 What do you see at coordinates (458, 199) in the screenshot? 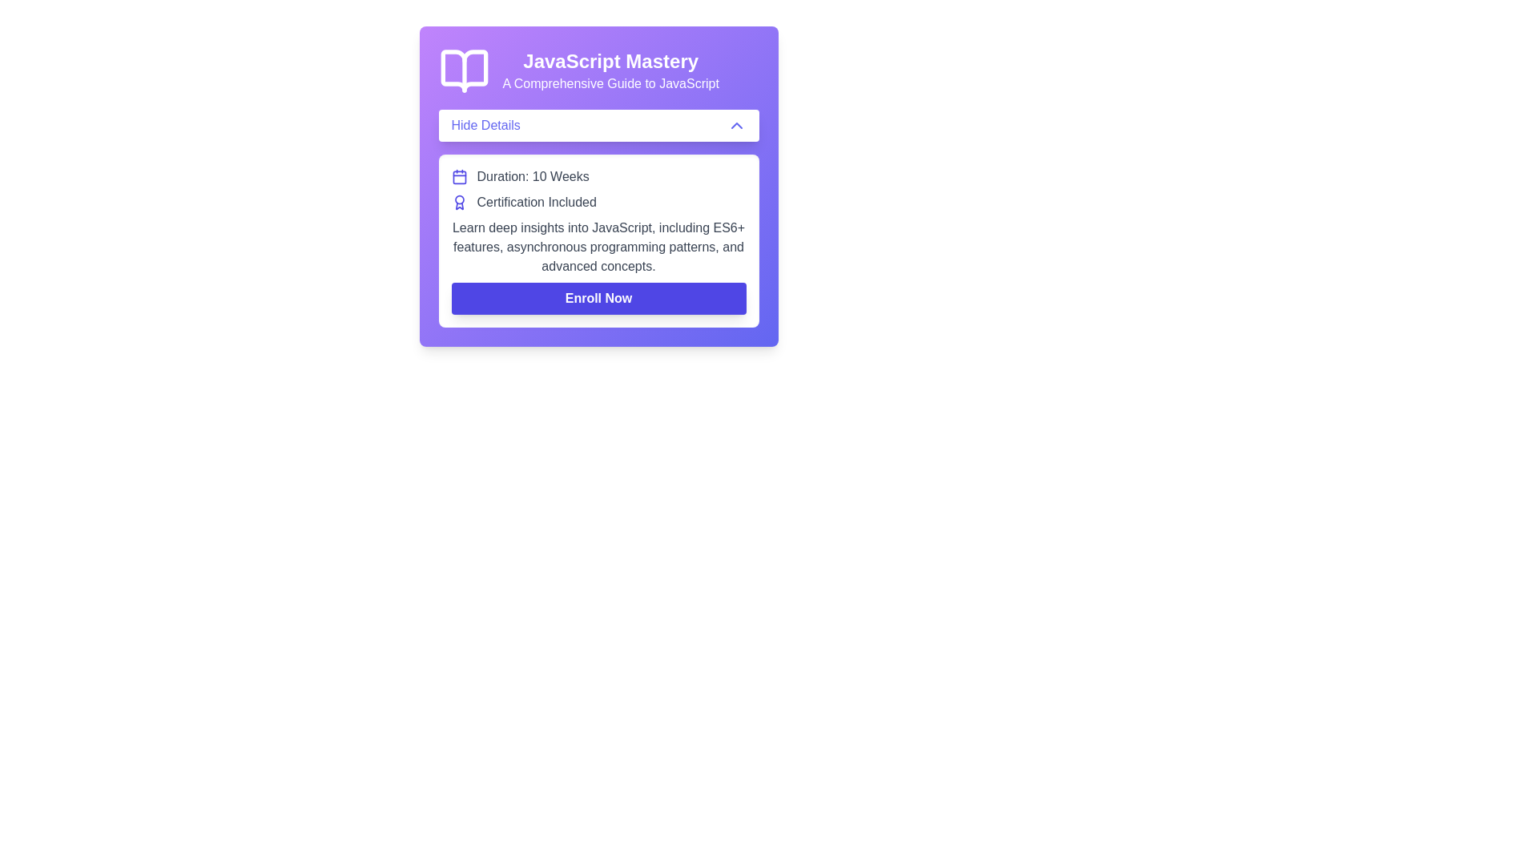
I see `the indigo-accented SVG circle element, which is part of a badge-like graphic located in the upper-middle region of the interface` at bounding box center [458, 199].